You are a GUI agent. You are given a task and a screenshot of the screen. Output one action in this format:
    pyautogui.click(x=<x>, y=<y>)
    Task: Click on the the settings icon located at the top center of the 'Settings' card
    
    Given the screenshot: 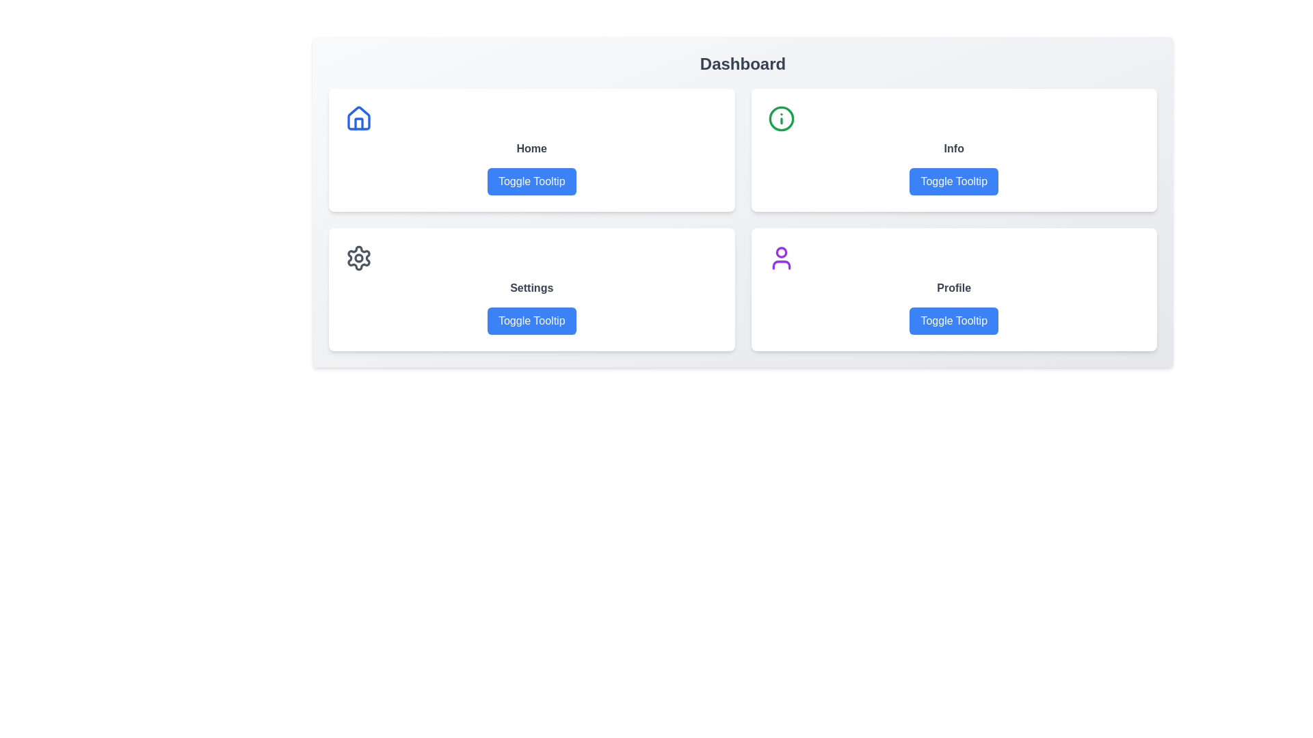 What is the action you would take?
    pyautogui.click(x=358, y=258)
    